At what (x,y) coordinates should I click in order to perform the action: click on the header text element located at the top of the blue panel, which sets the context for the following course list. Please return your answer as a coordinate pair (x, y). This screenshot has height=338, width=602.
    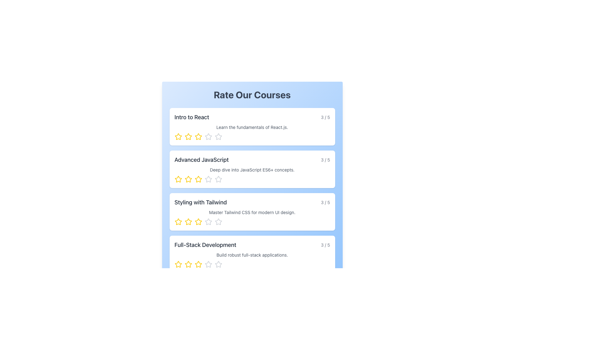
    Looking at the image, I should click on (252, 95).